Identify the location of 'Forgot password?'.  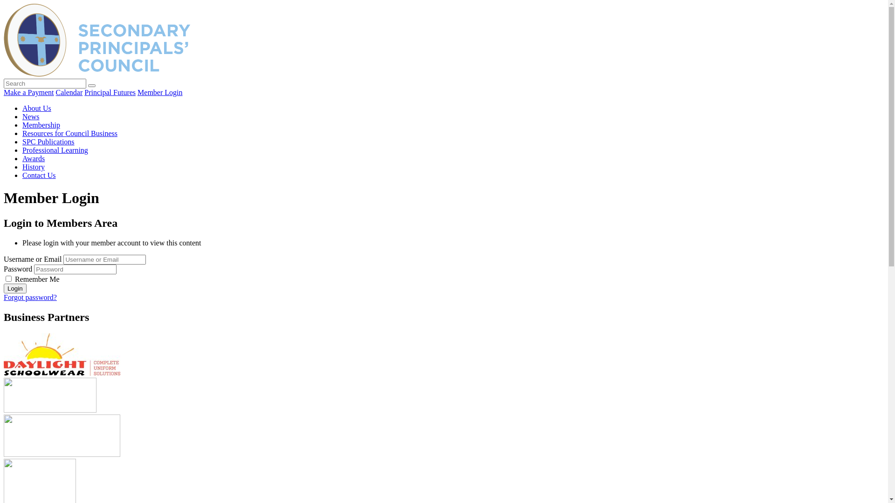
(4, 297).